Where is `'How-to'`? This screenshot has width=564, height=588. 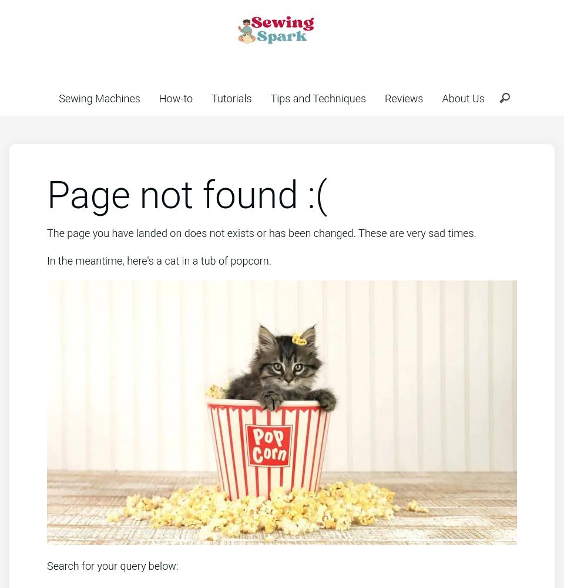 'How-to' is located at coordinates (175, 98).